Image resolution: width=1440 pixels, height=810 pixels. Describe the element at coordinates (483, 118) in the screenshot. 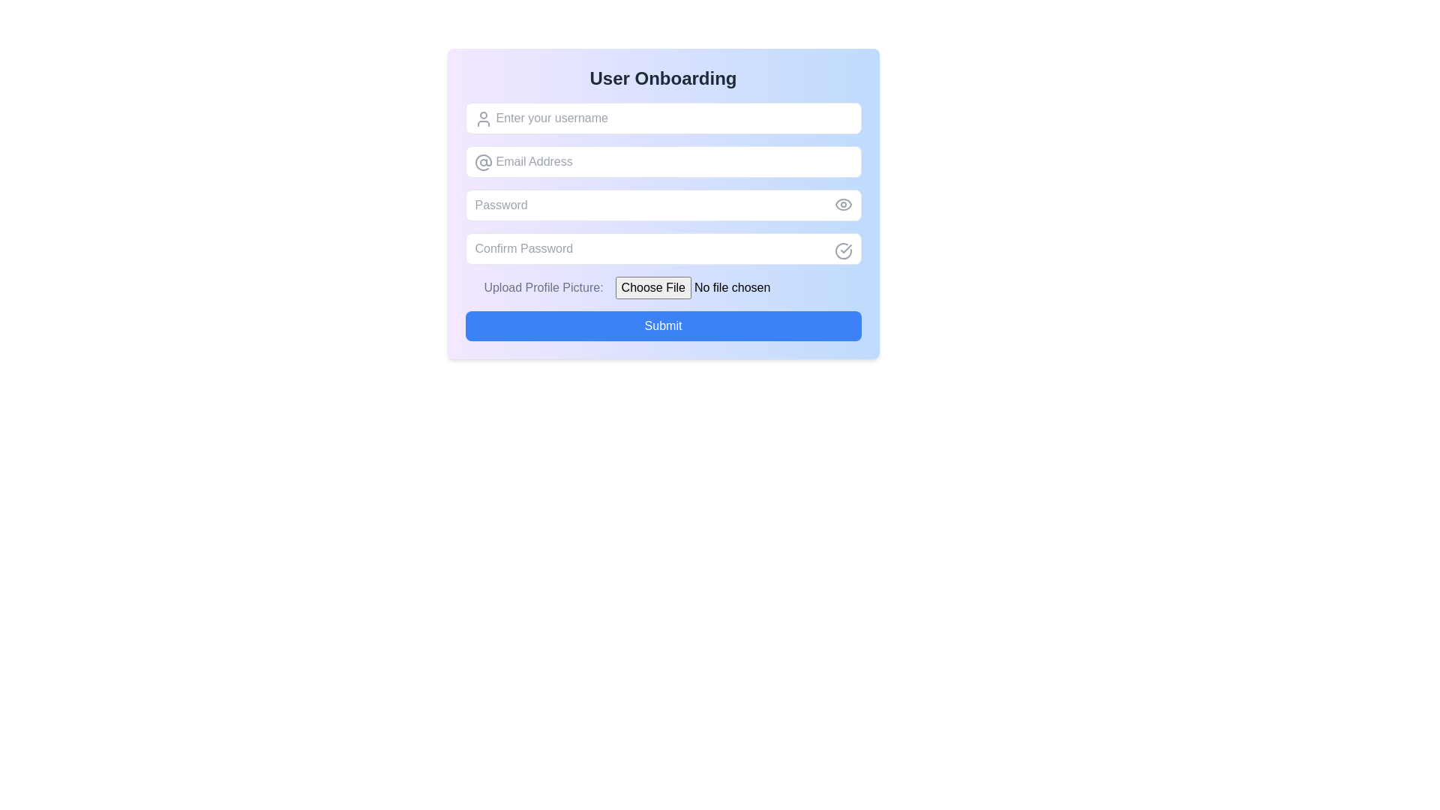

I see `the user profile icon that is located inside the first input field of the user onboarding form, which serves as a visual indicator for entering a username` at that location.